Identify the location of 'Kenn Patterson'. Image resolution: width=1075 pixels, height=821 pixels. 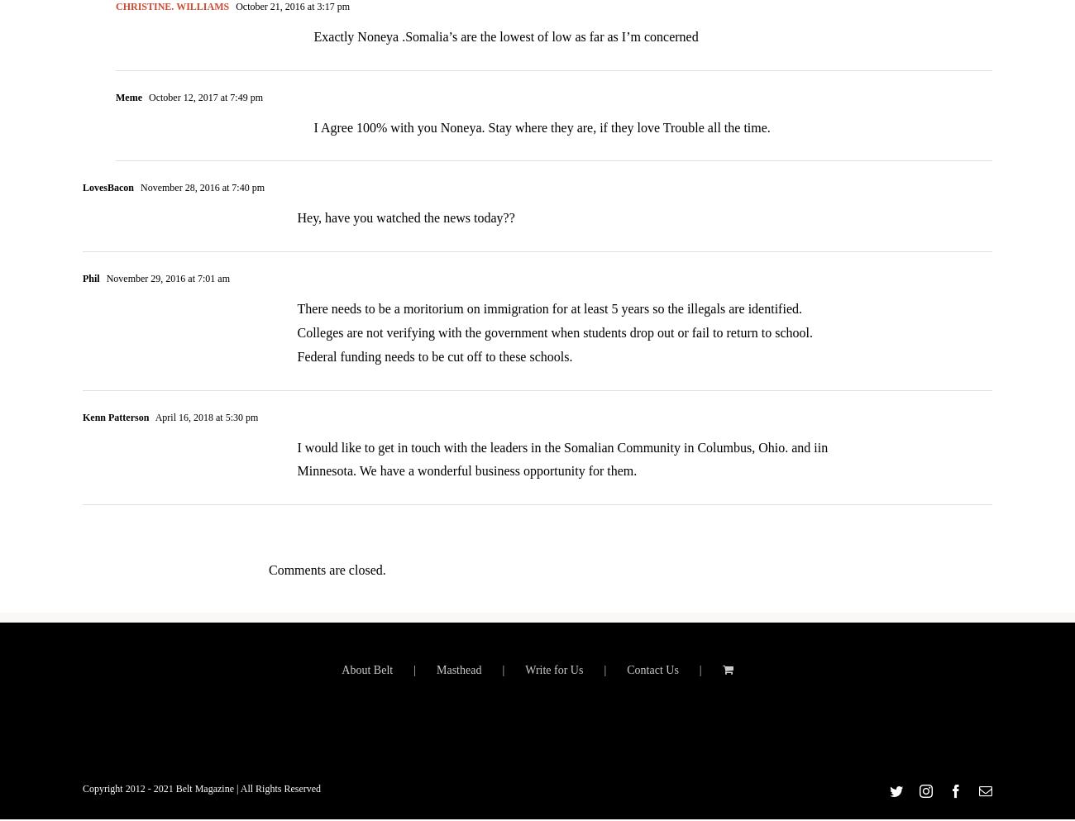
(115, 428).